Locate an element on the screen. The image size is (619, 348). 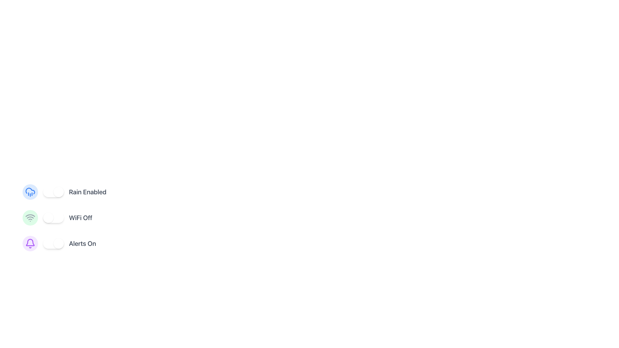
the toggle switch for WiFi, located in the second row of the settings list, to change its state from 'WiFi Off' to 'WiFi On' is located at coordinates (54, 217).